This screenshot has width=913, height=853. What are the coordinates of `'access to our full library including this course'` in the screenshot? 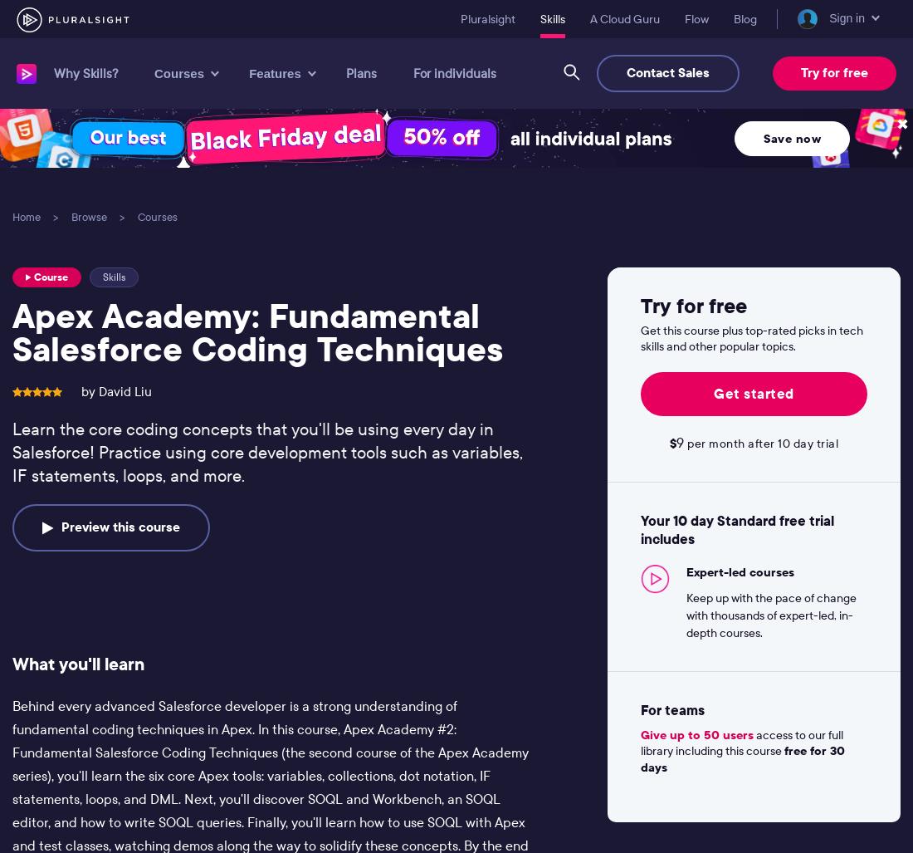 It's located at (740, 742).